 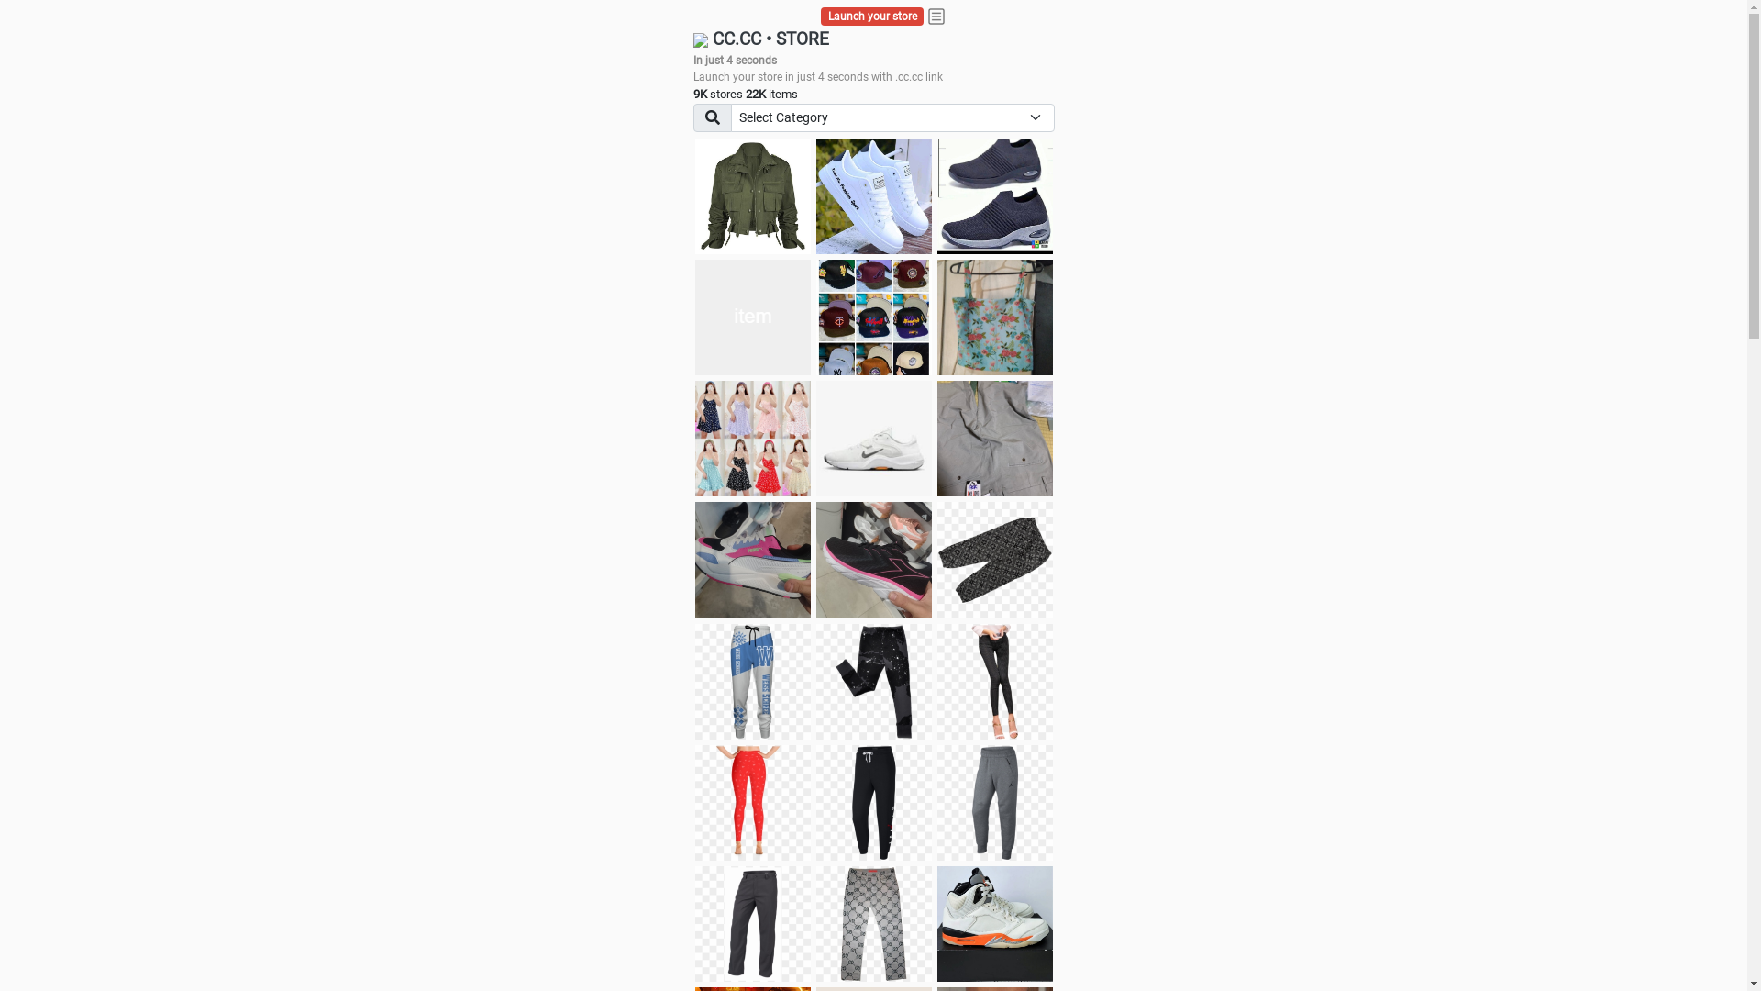 I want to click on 'Pant', so click(x=752, y=802).